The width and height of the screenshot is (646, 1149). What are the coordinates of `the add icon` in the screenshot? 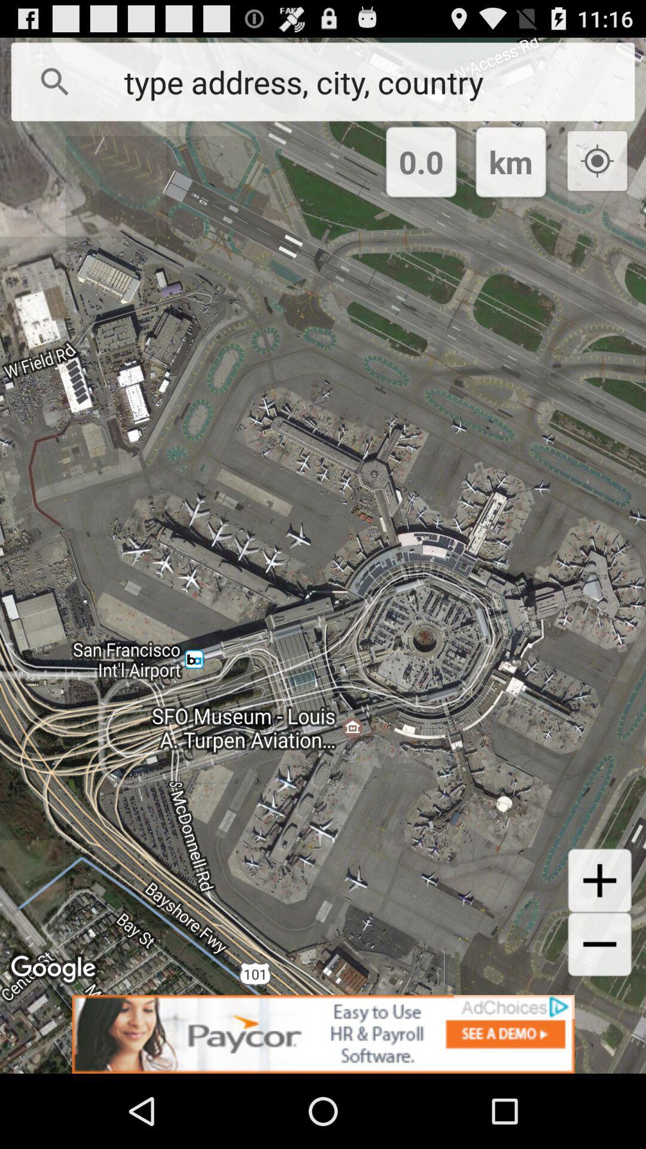 It's located at (599, 941).